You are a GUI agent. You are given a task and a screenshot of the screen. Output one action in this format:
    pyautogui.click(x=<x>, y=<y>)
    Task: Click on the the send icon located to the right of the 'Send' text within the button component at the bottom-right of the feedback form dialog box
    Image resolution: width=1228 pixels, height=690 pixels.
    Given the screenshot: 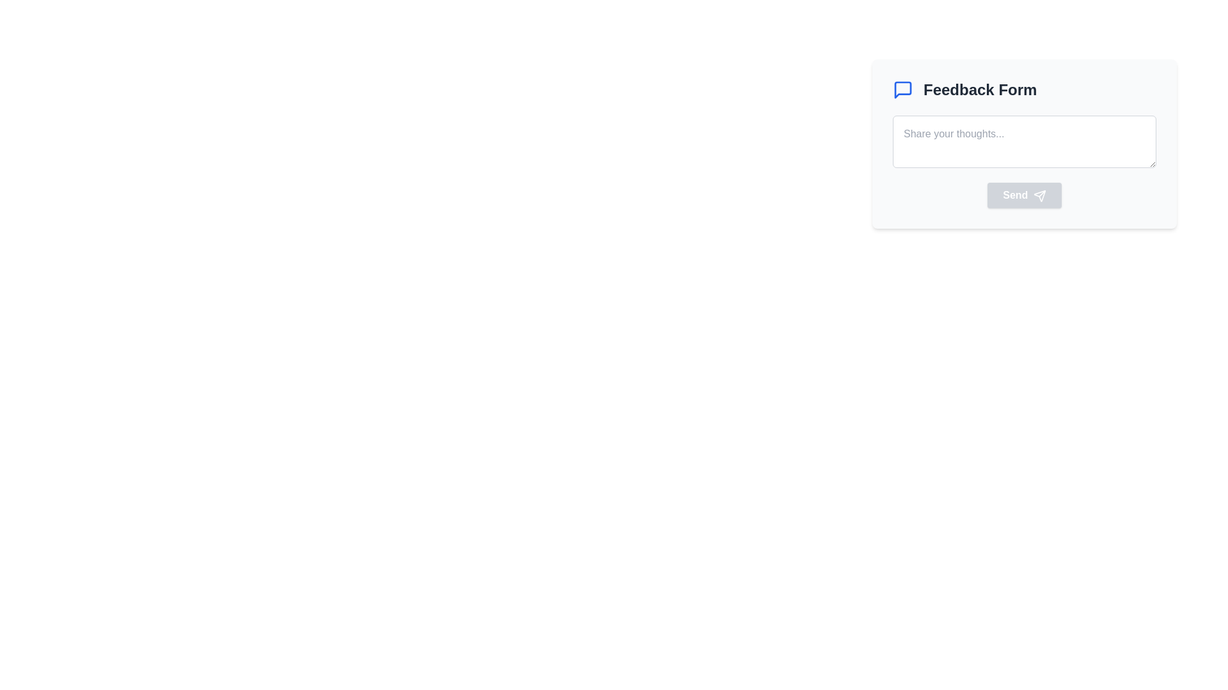 What is the action you would take?
    pyautogui.click(x=1039, y=195)
    